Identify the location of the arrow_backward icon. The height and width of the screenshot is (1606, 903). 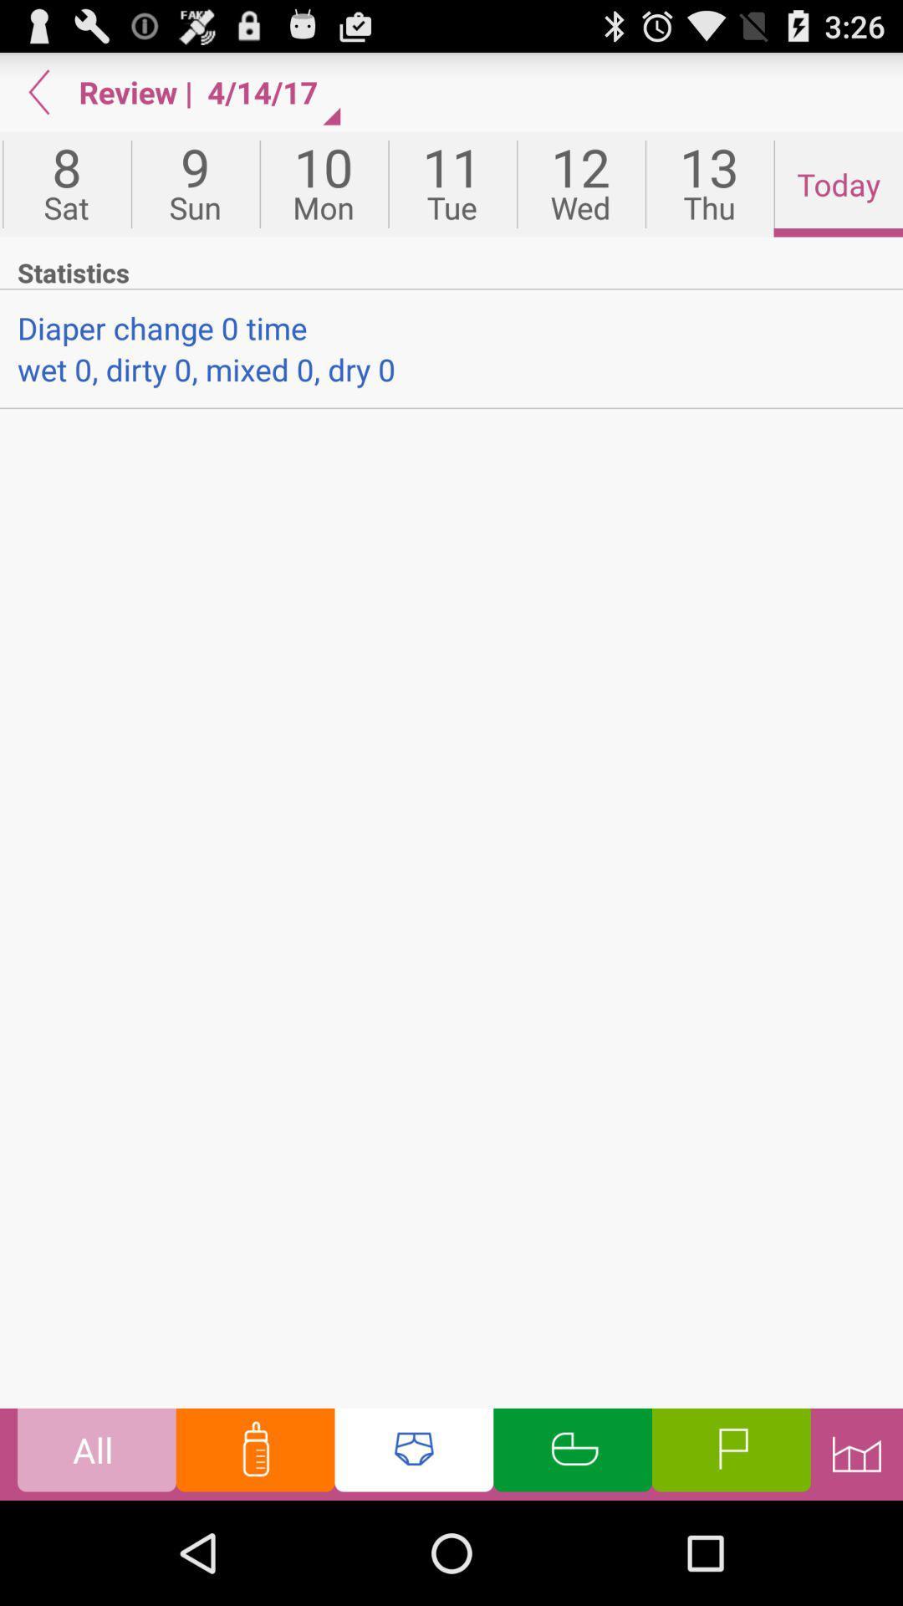
(38, 98).